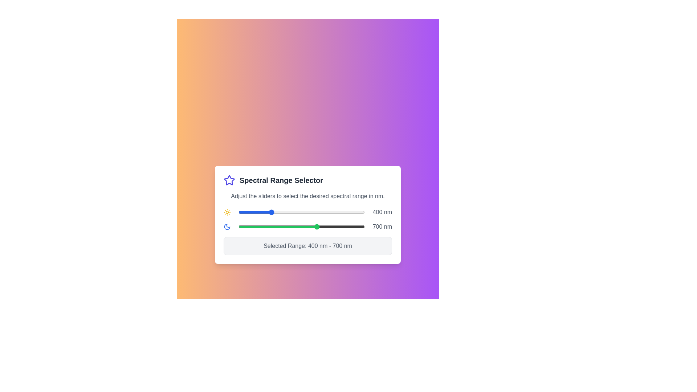 This screenshot has height=392, width=697. Describe the element at coordinates (268, 212) in the screenshot. I see `the start slider to set the lower limit of the spectral range to 392 nm` at that location.